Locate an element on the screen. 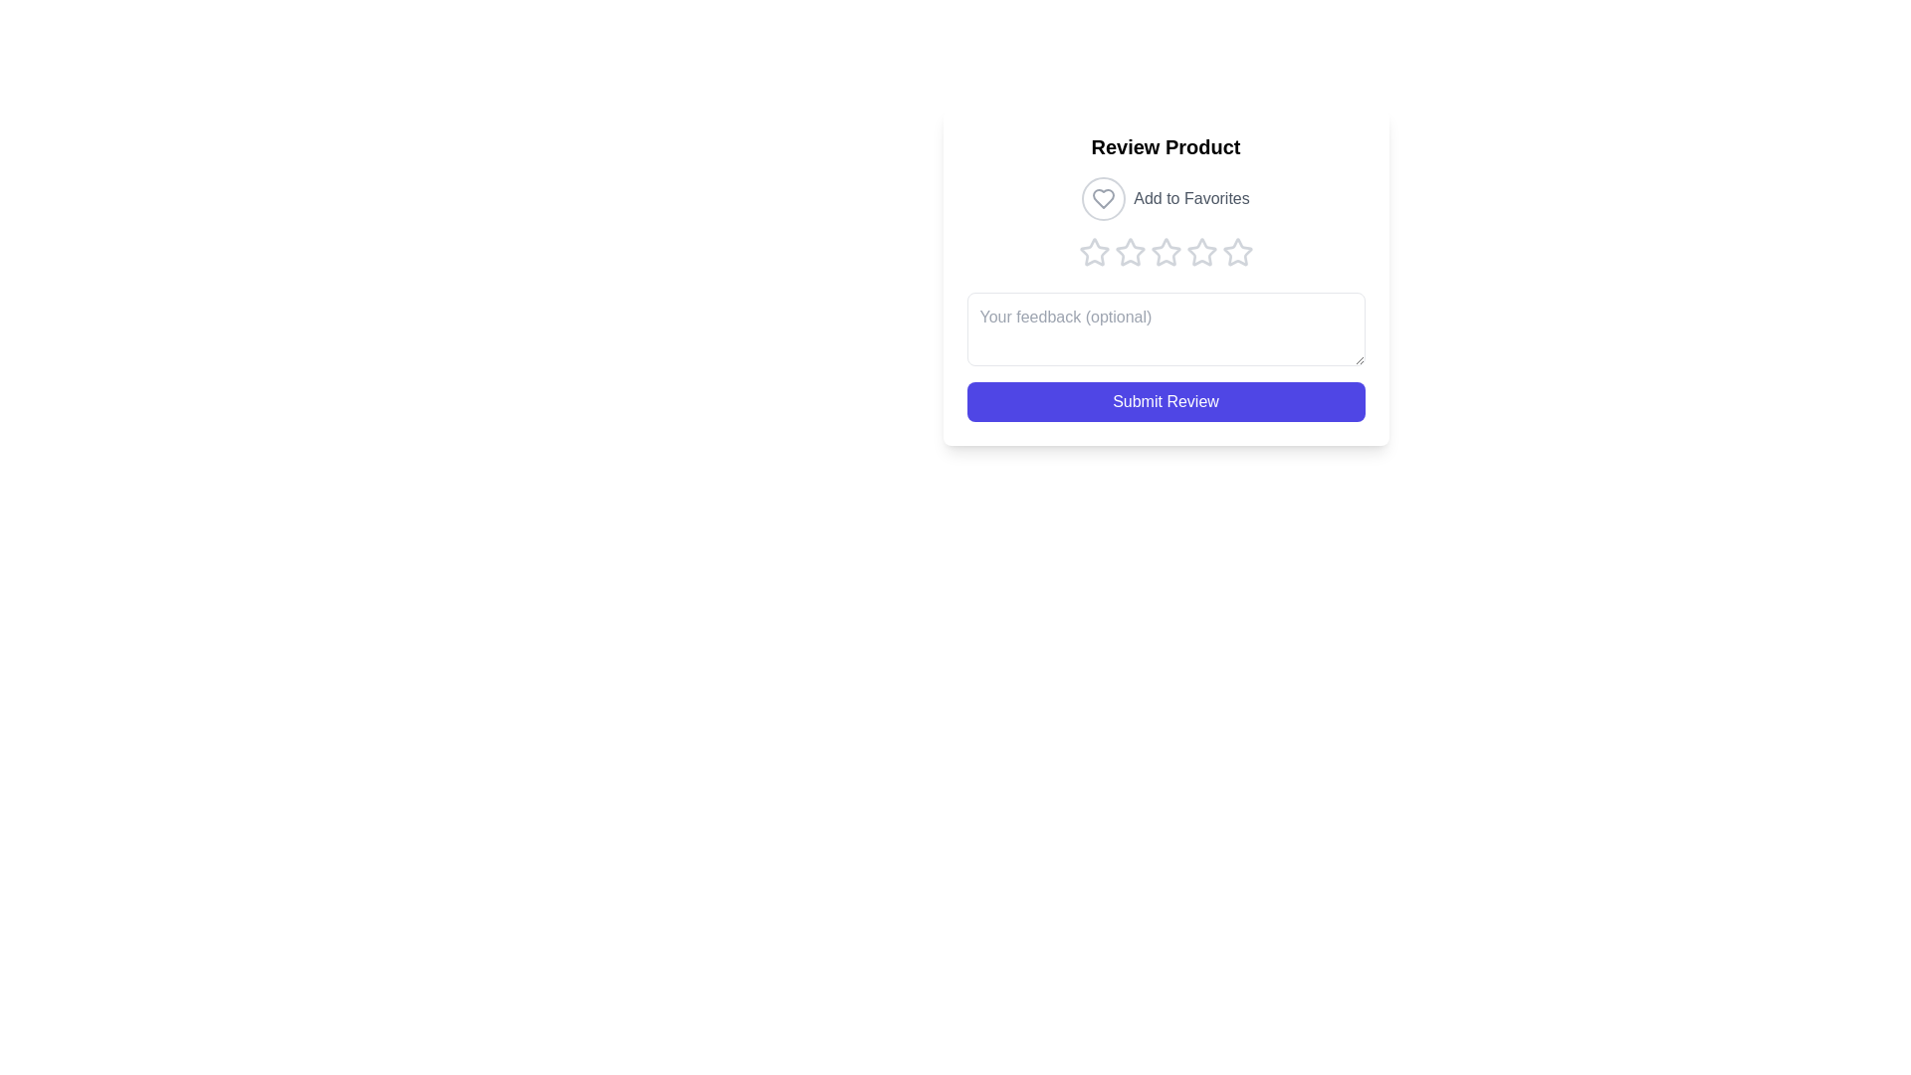 This screenshot has height=1075, width=1911. the fourth star button in the 5-star rating system is located at coordinates (1200, 252).